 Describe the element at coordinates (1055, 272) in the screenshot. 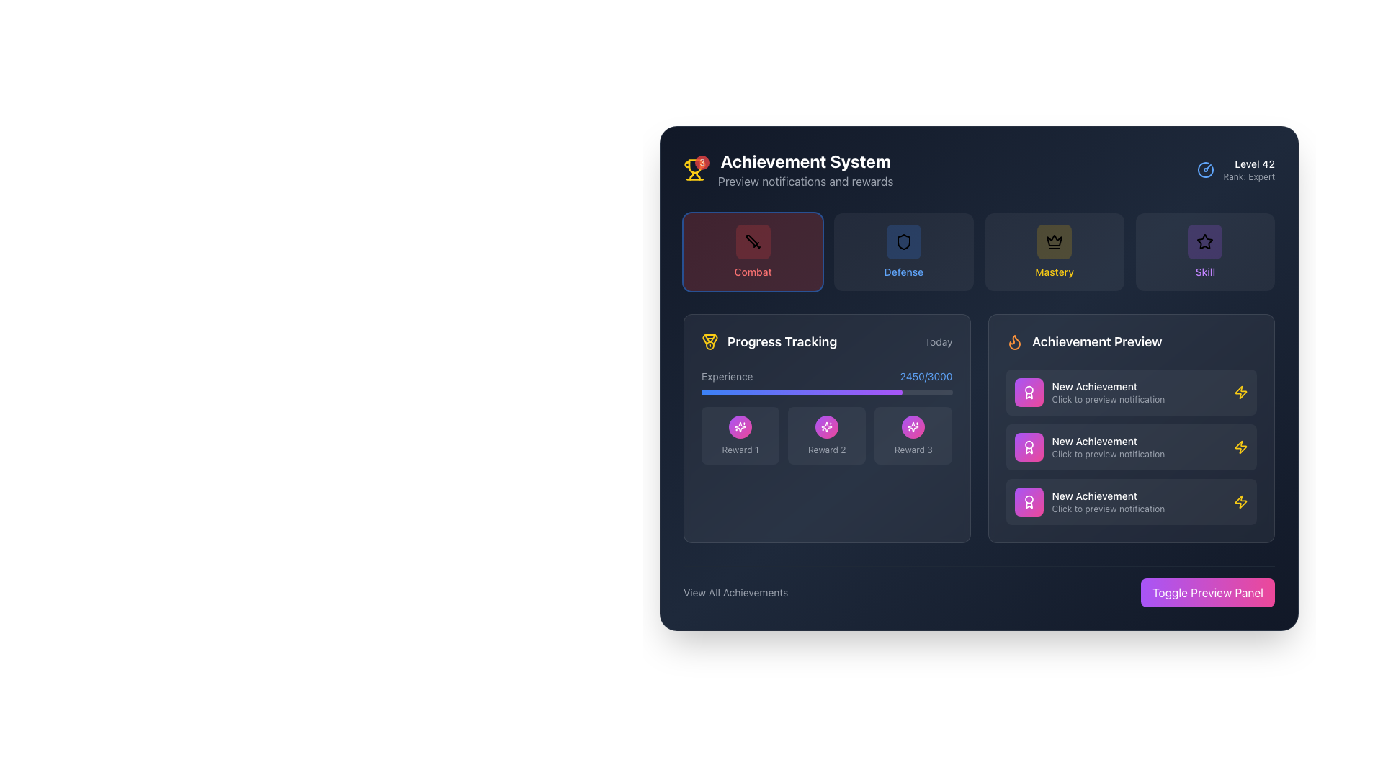

I see `the 'Mastery' text label, which is displayed in yellow font, small size, and capitalized format, located on a dark background in the third position of a horizontal selection panel` at that location.